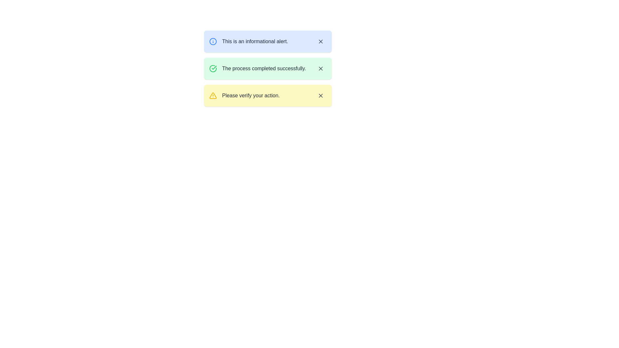 Image resolution: width=619 pixels, height=348 pixels. I want to click on the close button located on the far right side of the informational alert box that dismisses the alert, so click(320, 41).